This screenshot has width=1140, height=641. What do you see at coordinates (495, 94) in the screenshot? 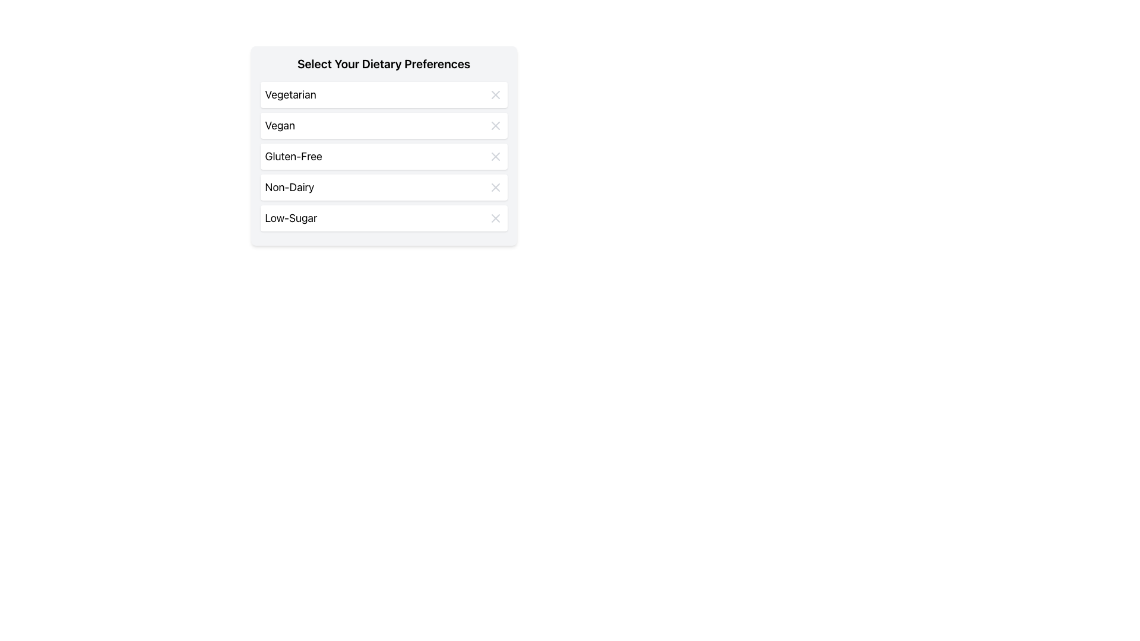
I see `the close button for the 'Vegetarian' dietary preference to check for visual feedback` at bounding box center [495, 94].